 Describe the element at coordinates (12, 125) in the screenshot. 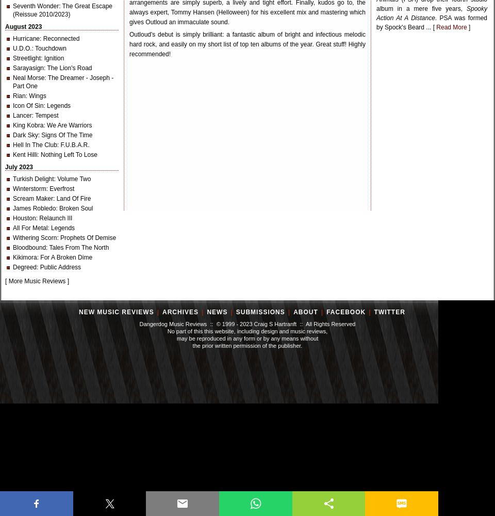

I see `'King Kobra'` at that location.